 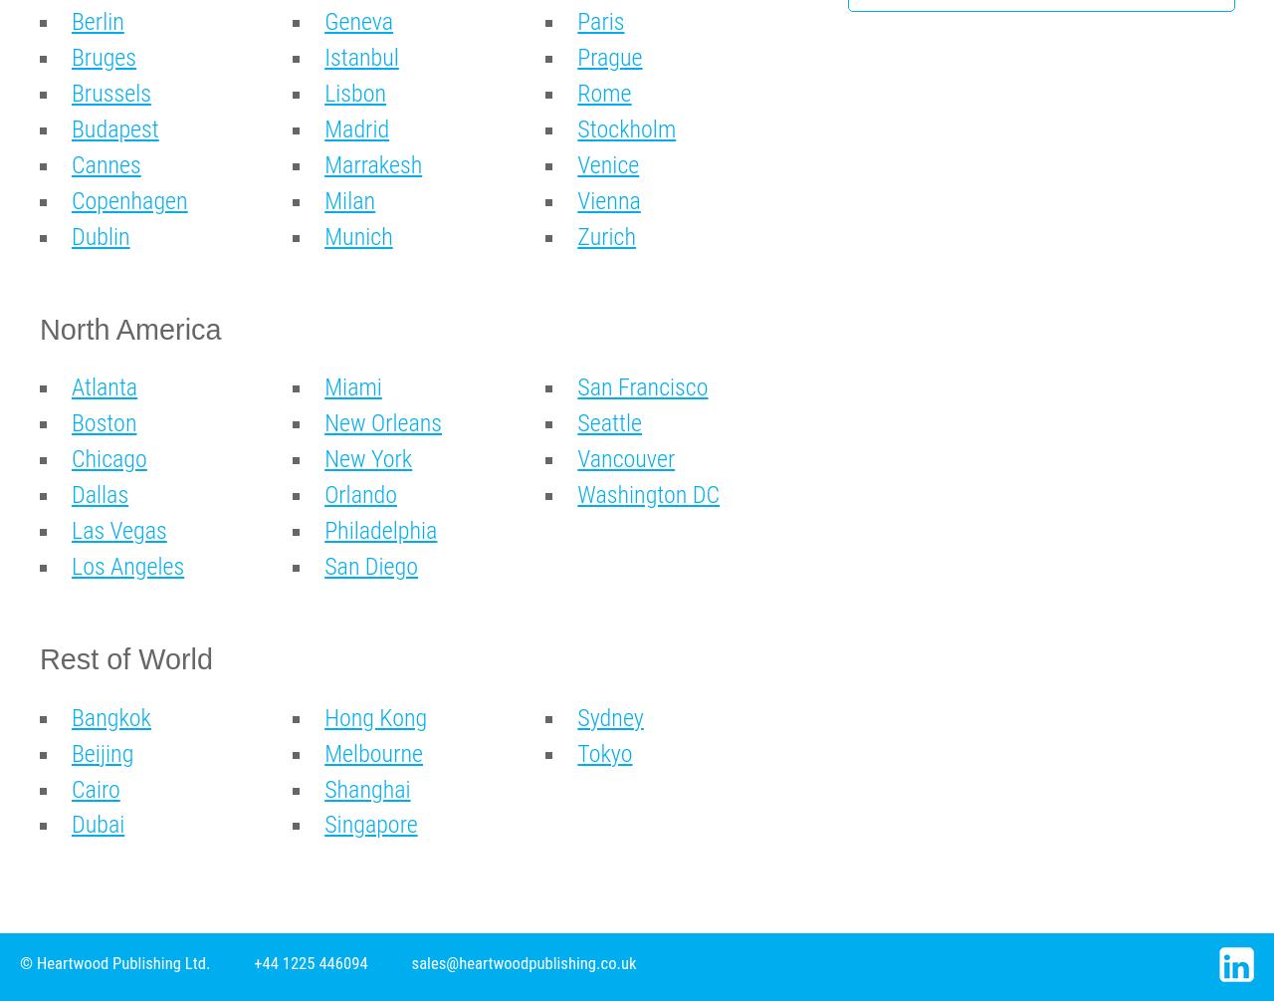 What do you see at coordinates (624, 458) in the screenshot?
I see `'Vancouver'` at bounding box center [624, 458].